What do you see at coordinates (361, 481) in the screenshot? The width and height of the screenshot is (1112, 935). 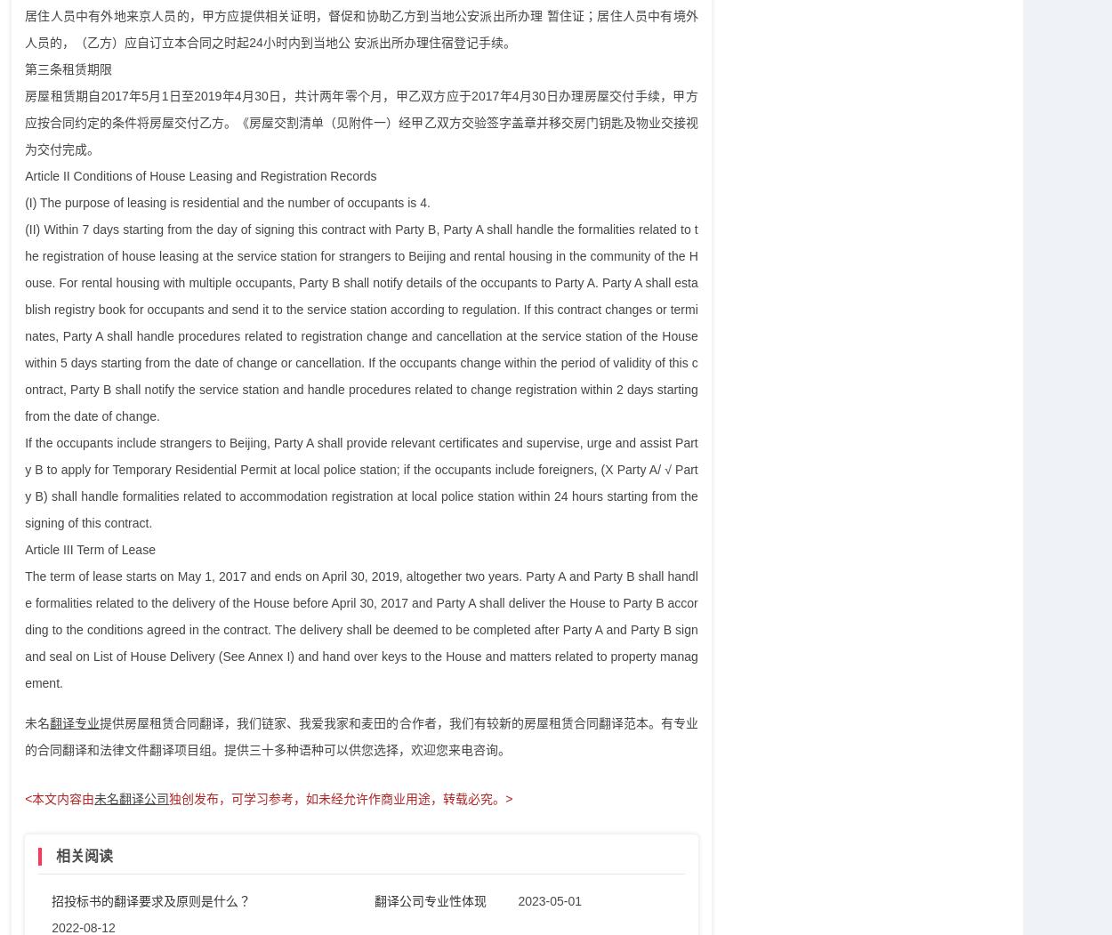 I see `'If the 
occupants include strangers to Beijing, Party A shall provide relevant 
certificates and supervise, urge and assist Party B to apply for 
Temporary Residential Permit at local police station; if the occupants 
include foreigners, (X Party A/ √ Party B) shall handle formalities 
related to accommodation registration at local police station within 24 
hours starting from the signing of this contract.'` at bounding box center [361, 481].